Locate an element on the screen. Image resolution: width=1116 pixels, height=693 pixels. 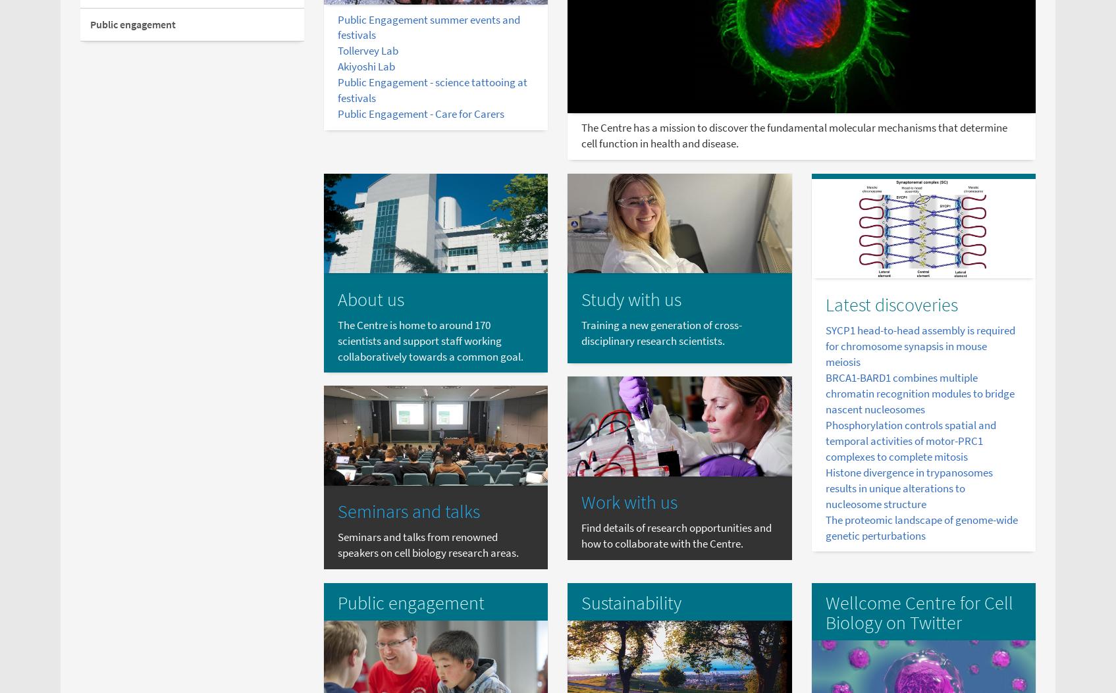
'Work with us' is located at coordinates (629, 501).